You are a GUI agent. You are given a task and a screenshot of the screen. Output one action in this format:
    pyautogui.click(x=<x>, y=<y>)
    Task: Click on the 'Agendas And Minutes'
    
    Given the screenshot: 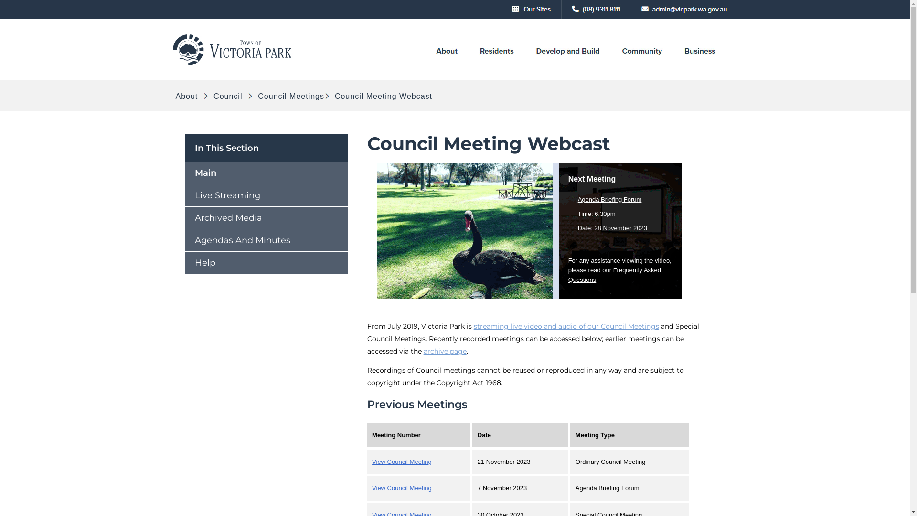 What is the action you would take?
    pyautogui.click(x=266, y=239)
    